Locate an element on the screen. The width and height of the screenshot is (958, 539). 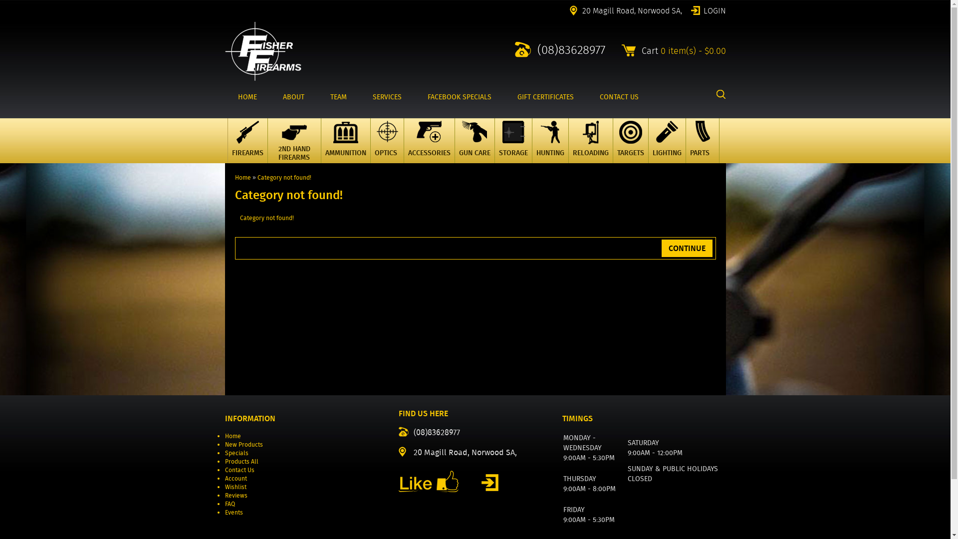
'Parts' is located at coordinates (701, 147).